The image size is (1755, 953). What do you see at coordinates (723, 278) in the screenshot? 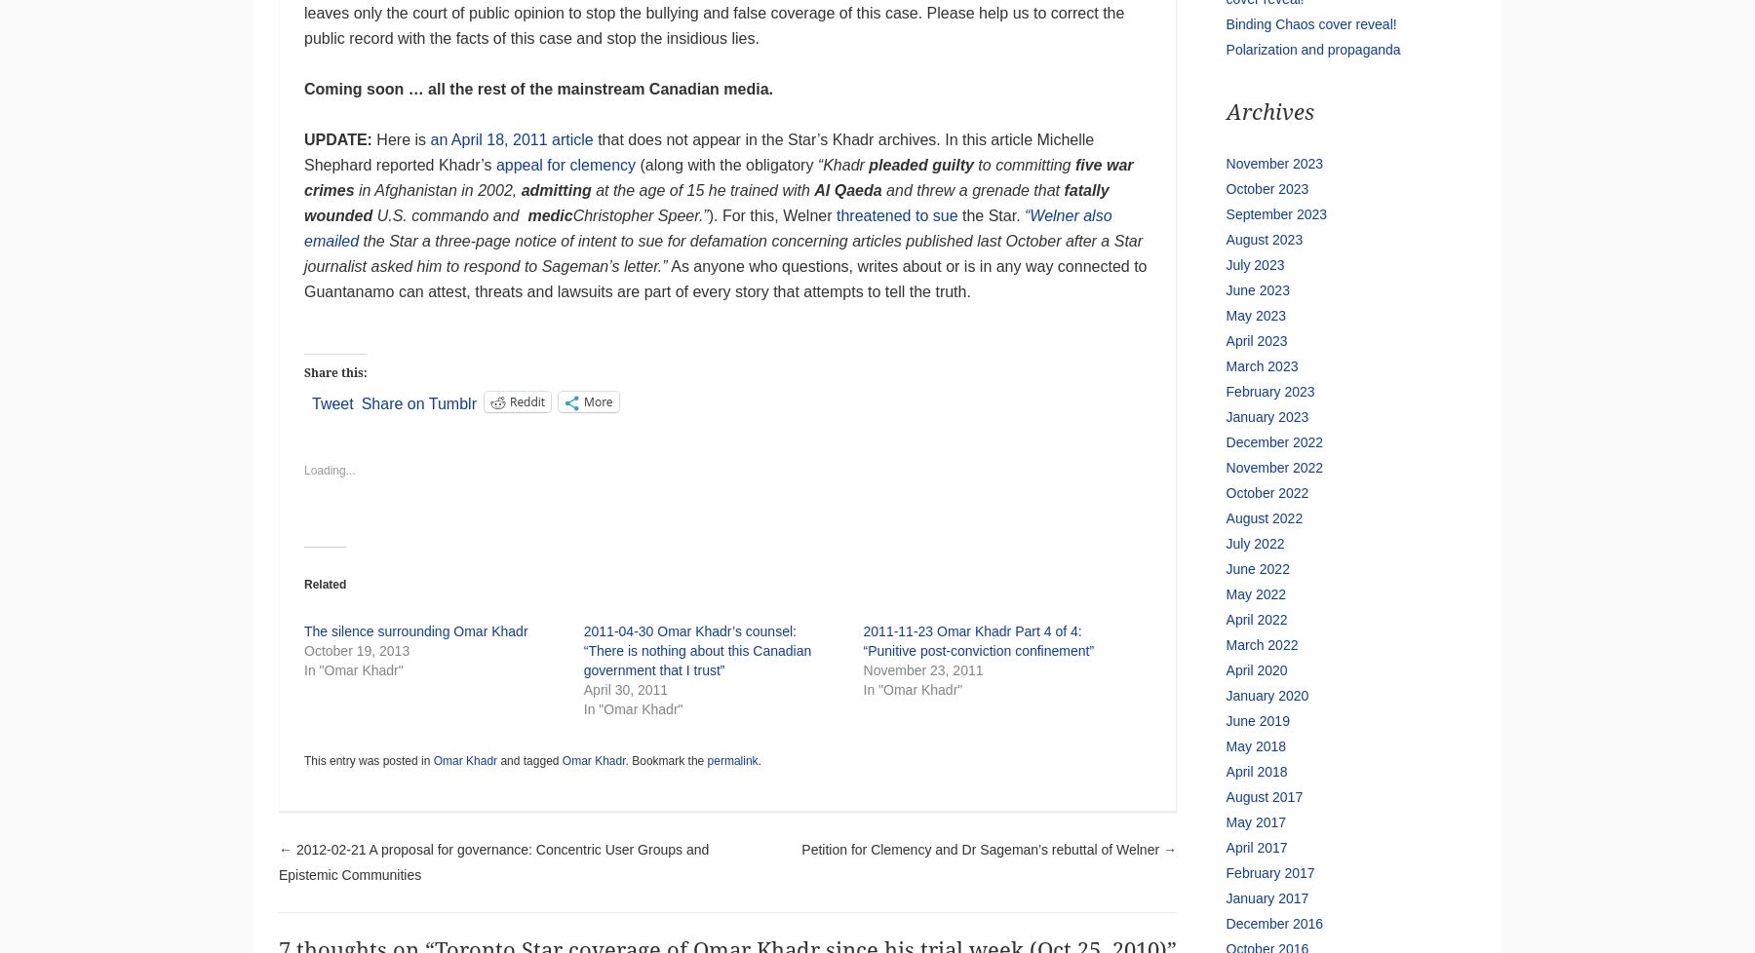
I see `'As anyone who questions, writes about or is in any way connected to Guantanamo can attest, threats and lawsuits are part of every story that attempts to tell the truth.'` at bounding box center [723, 278].